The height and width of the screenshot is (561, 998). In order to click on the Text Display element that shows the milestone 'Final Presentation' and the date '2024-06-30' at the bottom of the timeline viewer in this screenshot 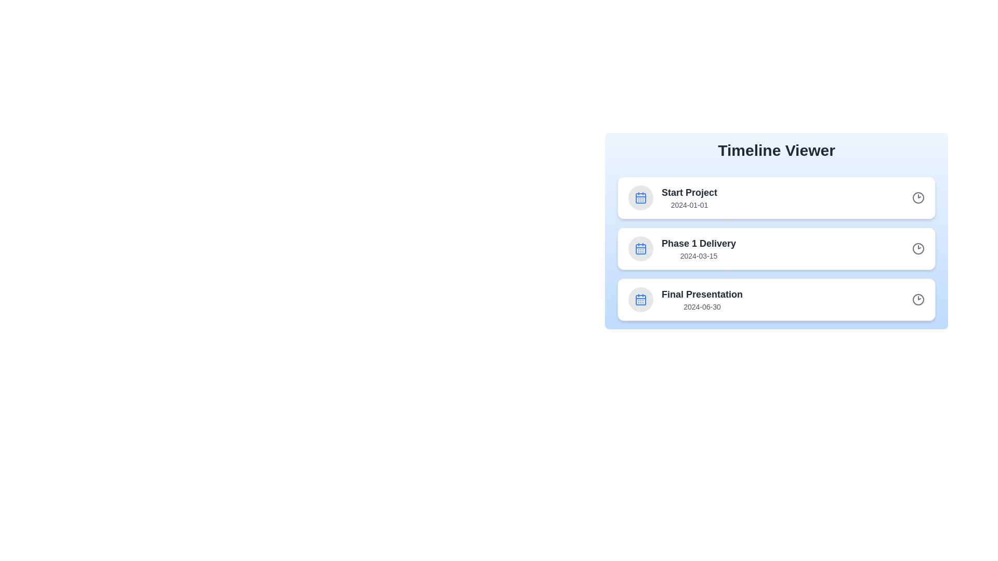, I will do `click(702, 300)`.